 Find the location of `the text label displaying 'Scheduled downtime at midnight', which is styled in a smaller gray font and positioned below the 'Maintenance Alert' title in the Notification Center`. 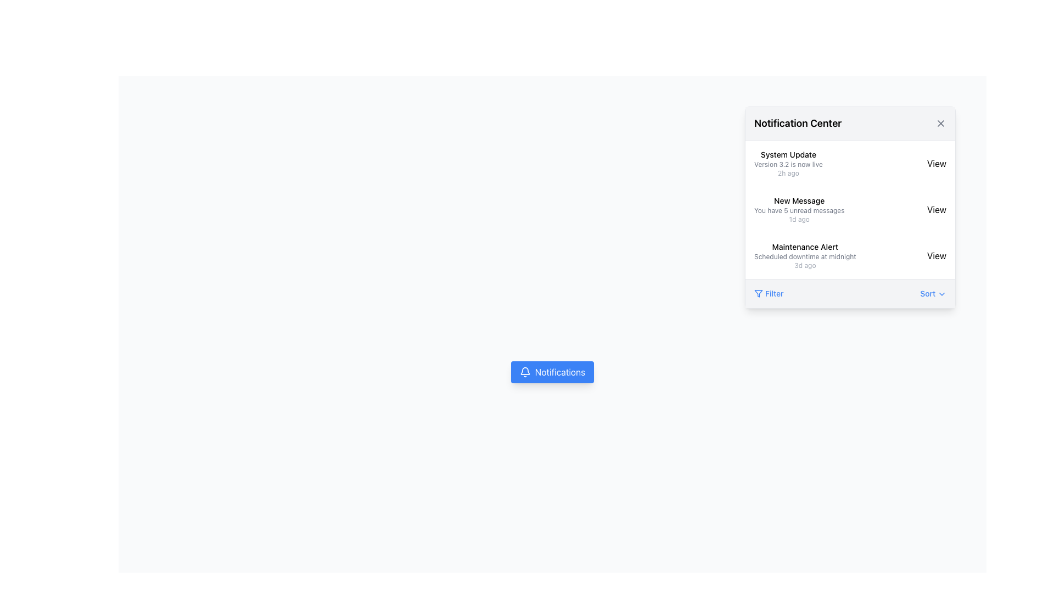

the text label displaying 'Scheduled downtime at midnight', which is styled in a smaller gray font and positioned below the 'Maintenance Alert' title in the Notification Center is located at coordinates (805, 256).